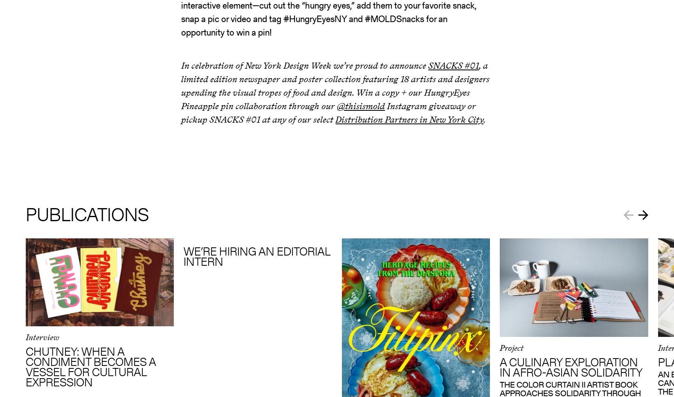  I want to click on 'We’re Hiring an Editorial Intern', so click(184, 256).